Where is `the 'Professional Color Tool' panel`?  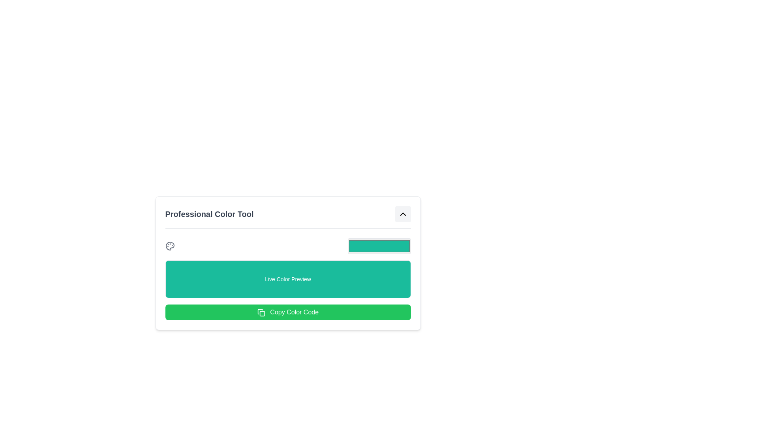 the 'Professional Color Tool' panel is located at coordinates (287, 278).